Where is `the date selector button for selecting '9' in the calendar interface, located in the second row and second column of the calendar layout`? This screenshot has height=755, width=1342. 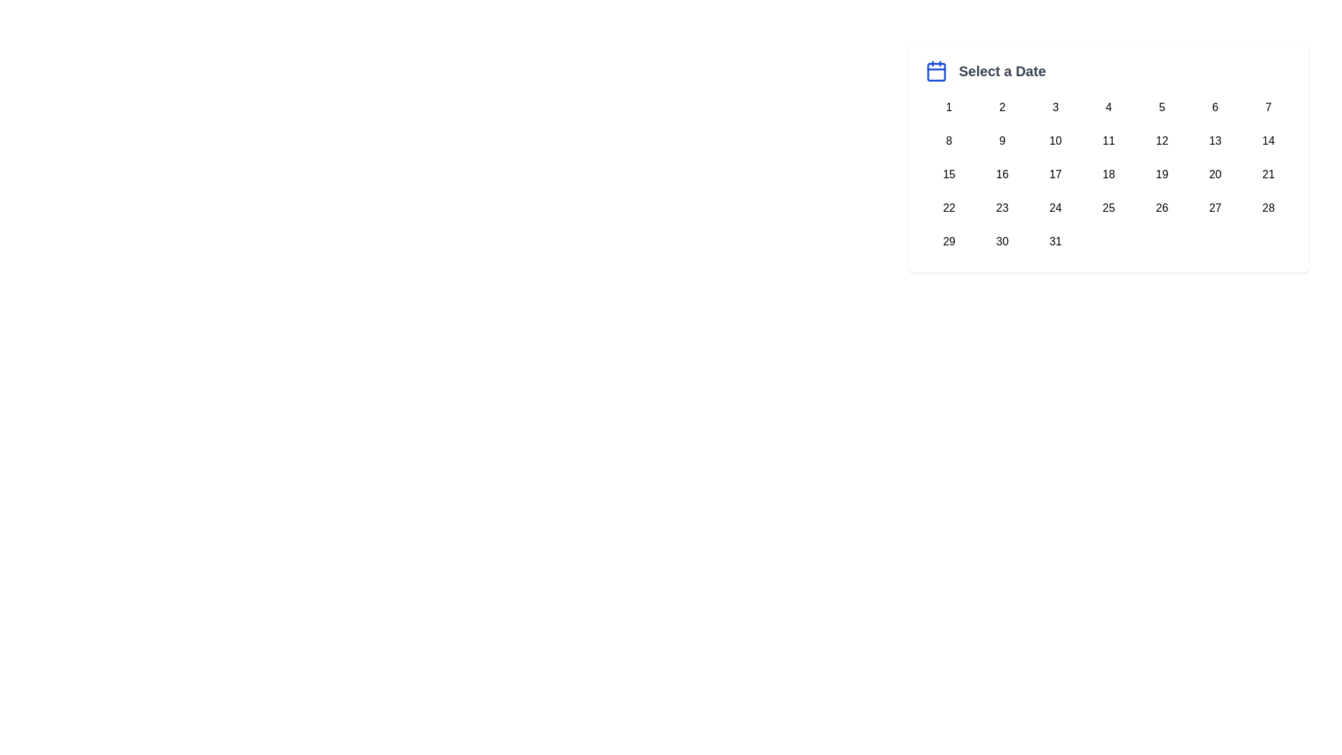 the date selector button for selecting '9' in the calendar interface, located in the second row and second column of the calendar layout is located at coordinates (1002, 141).